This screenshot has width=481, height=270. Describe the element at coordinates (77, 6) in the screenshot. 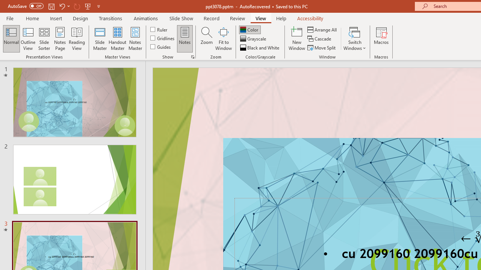

I see `'Redo'` at that location.